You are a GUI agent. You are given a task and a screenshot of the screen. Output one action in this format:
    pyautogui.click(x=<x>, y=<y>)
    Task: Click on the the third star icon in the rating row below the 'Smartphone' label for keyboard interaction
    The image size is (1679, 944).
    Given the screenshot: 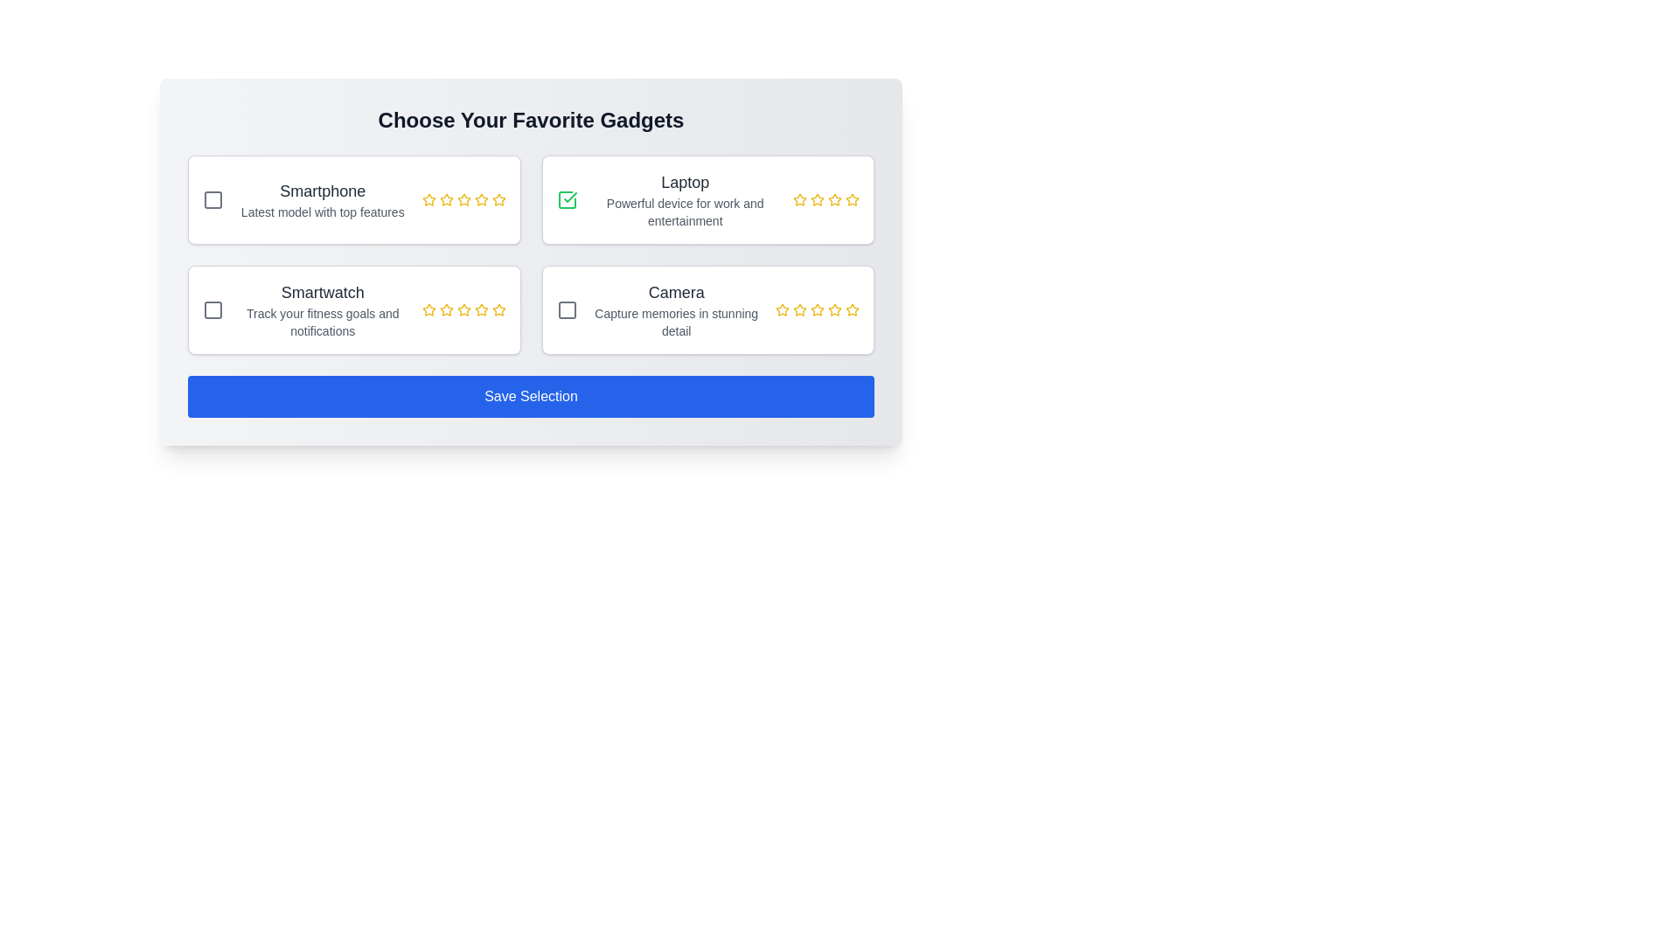 What is the action you would take?
    pyautogui.click(x=481, y=198)
    